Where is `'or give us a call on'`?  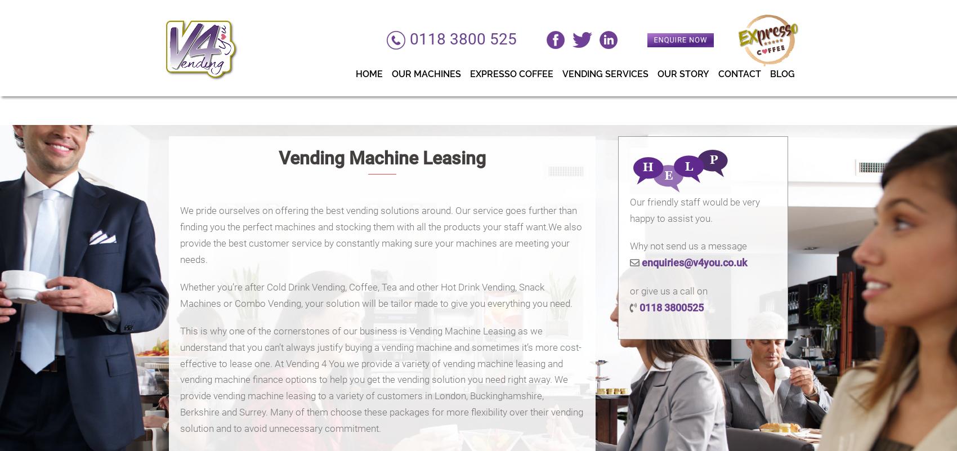 'or give us a call on' is located at coordinates (668, 291).